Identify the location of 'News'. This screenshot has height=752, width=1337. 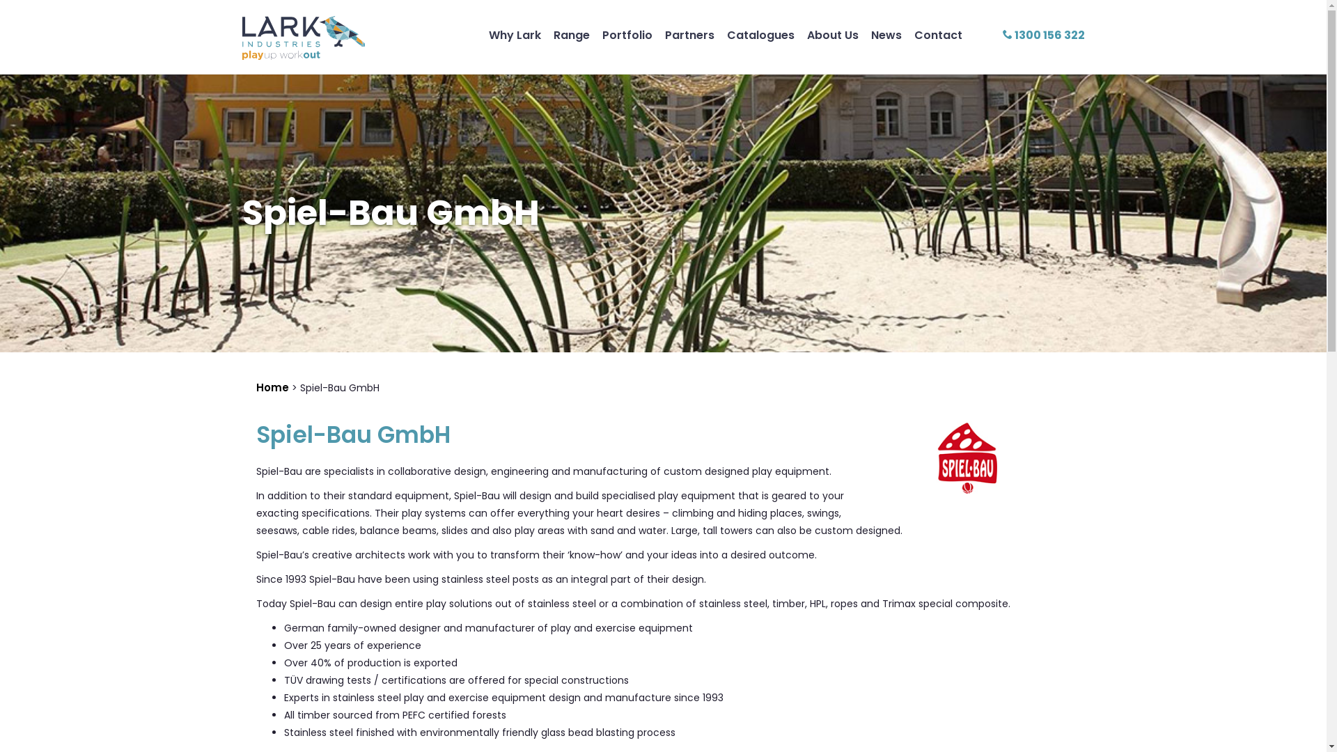
(885, 34).